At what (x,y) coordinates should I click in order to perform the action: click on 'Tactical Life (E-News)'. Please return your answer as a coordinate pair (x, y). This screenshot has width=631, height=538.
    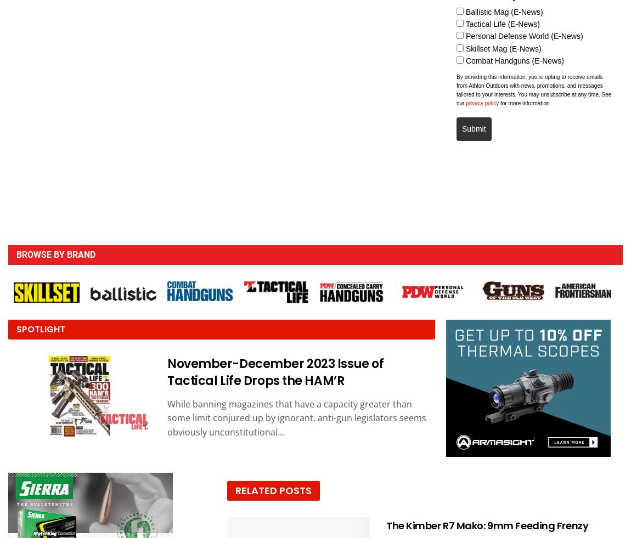
    Looking at the image, I should click on (465, 24).